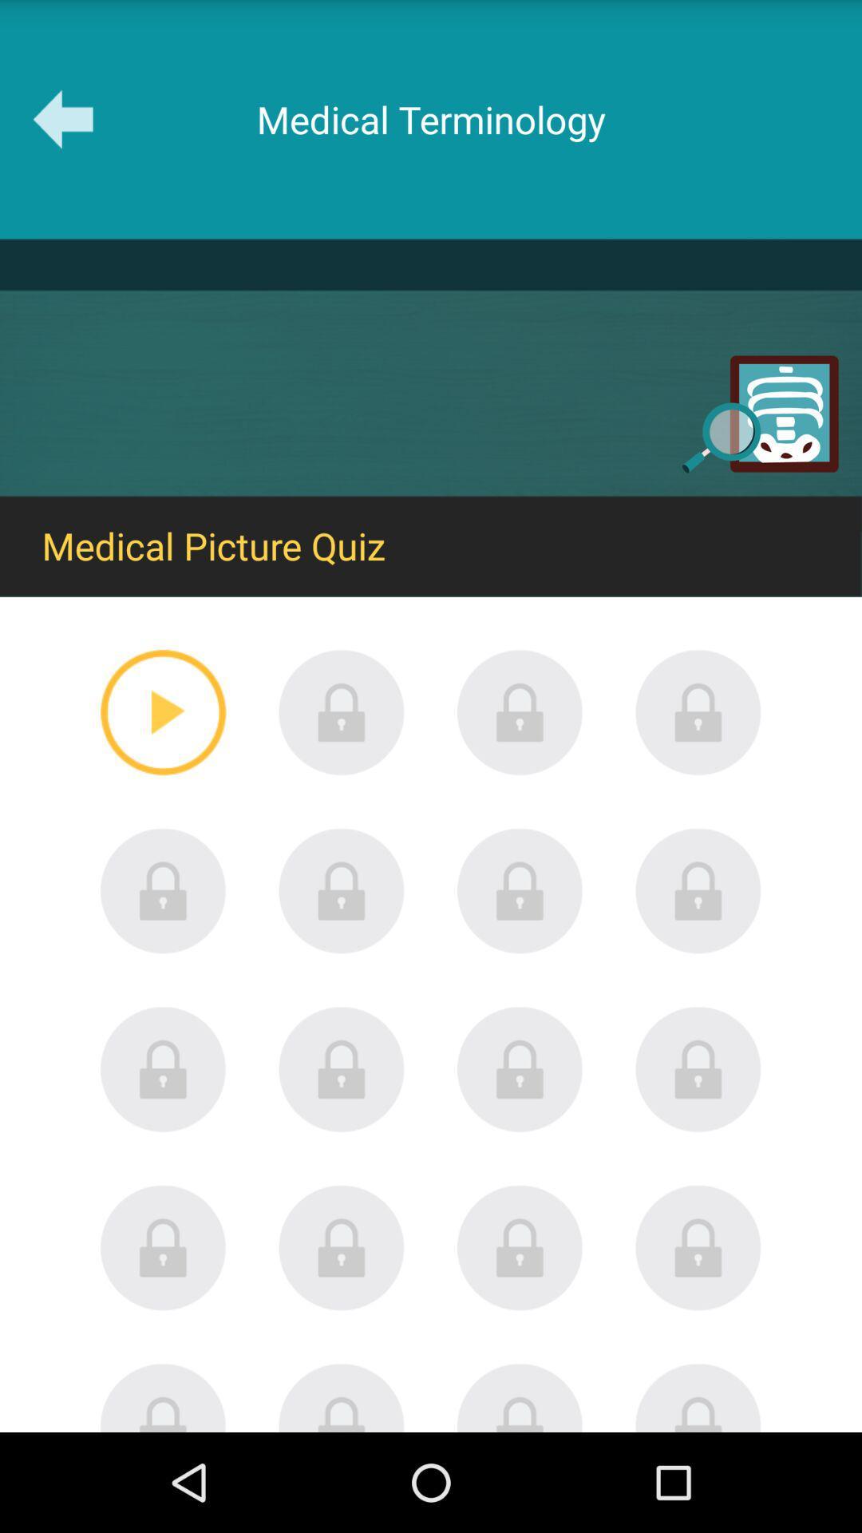 This screenshot has width=862, height=1533. What do you see at coordinates (341, 1247) in the screenshot?
I see `locked button icon` at bounding box center [341, 1247].